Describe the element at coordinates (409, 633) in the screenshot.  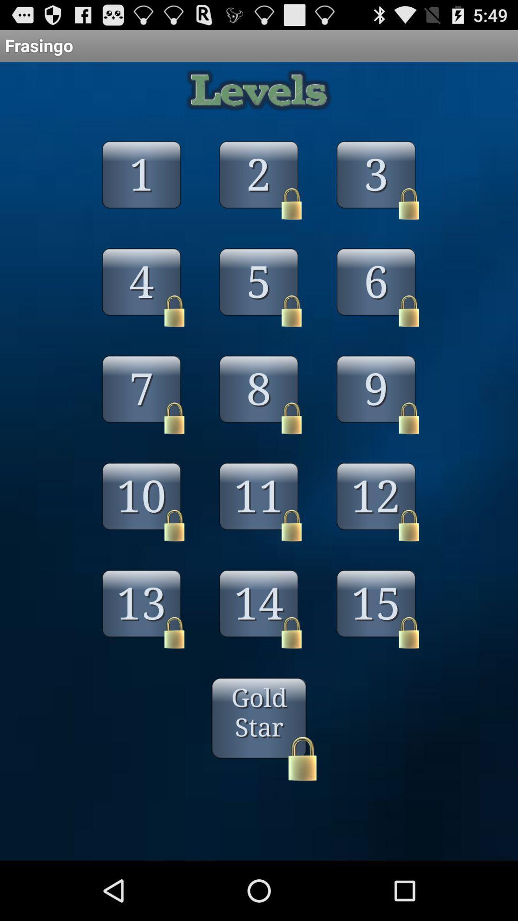
I see `the lock image below the text 15 on the web page` at that location.